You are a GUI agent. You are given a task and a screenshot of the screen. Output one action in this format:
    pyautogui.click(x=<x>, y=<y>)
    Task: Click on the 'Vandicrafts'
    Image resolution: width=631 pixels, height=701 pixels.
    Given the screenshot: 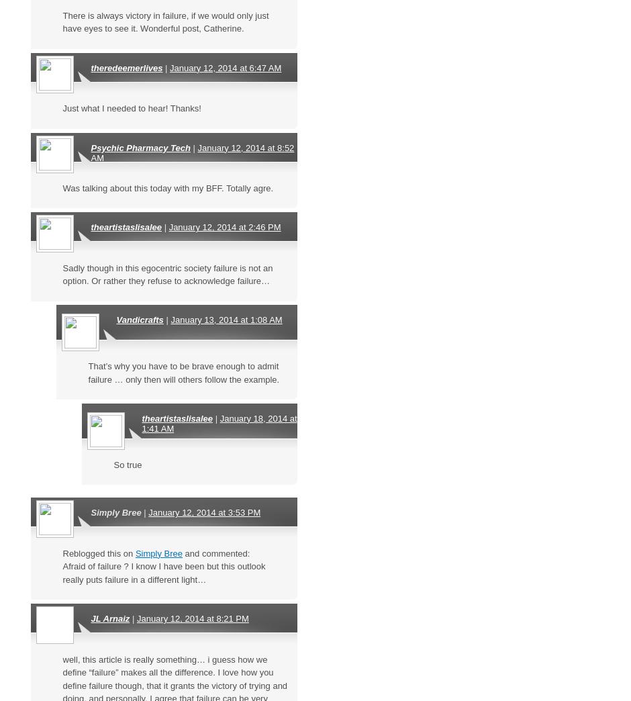 What is the action you would take?
    pyautogui.click(x=139, y=320)
    